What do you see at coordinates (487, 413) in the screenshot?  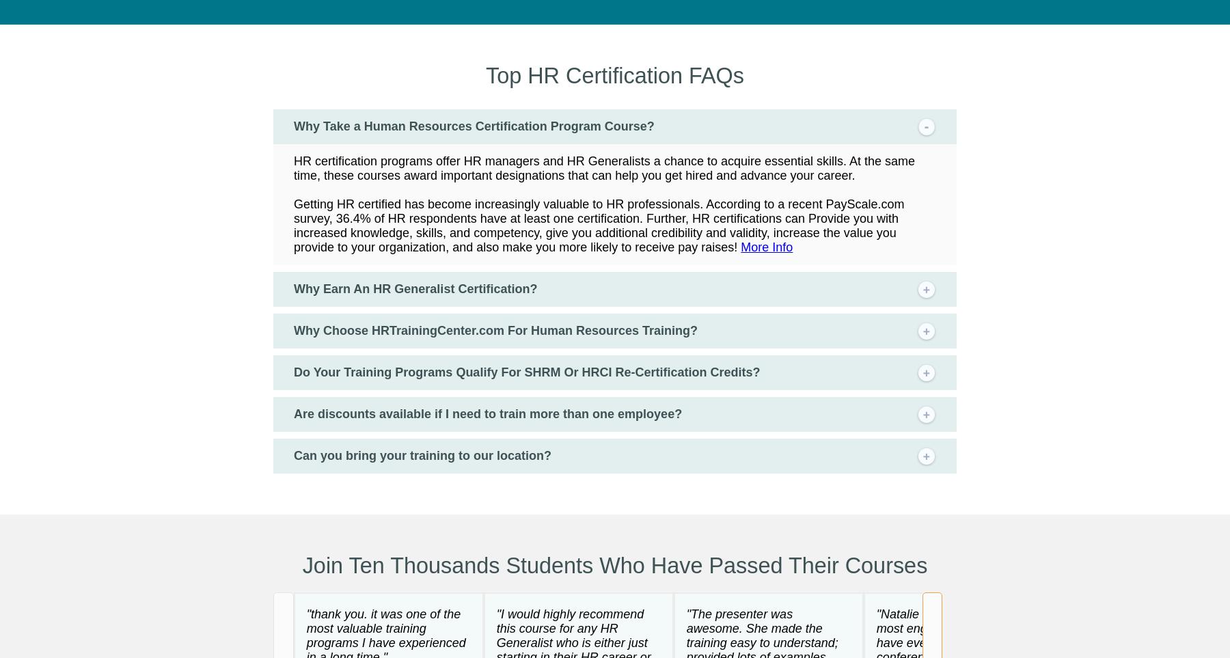 I see `'Are discounts available if I need to train more than one employee?'` at bounding box center [487, 413].